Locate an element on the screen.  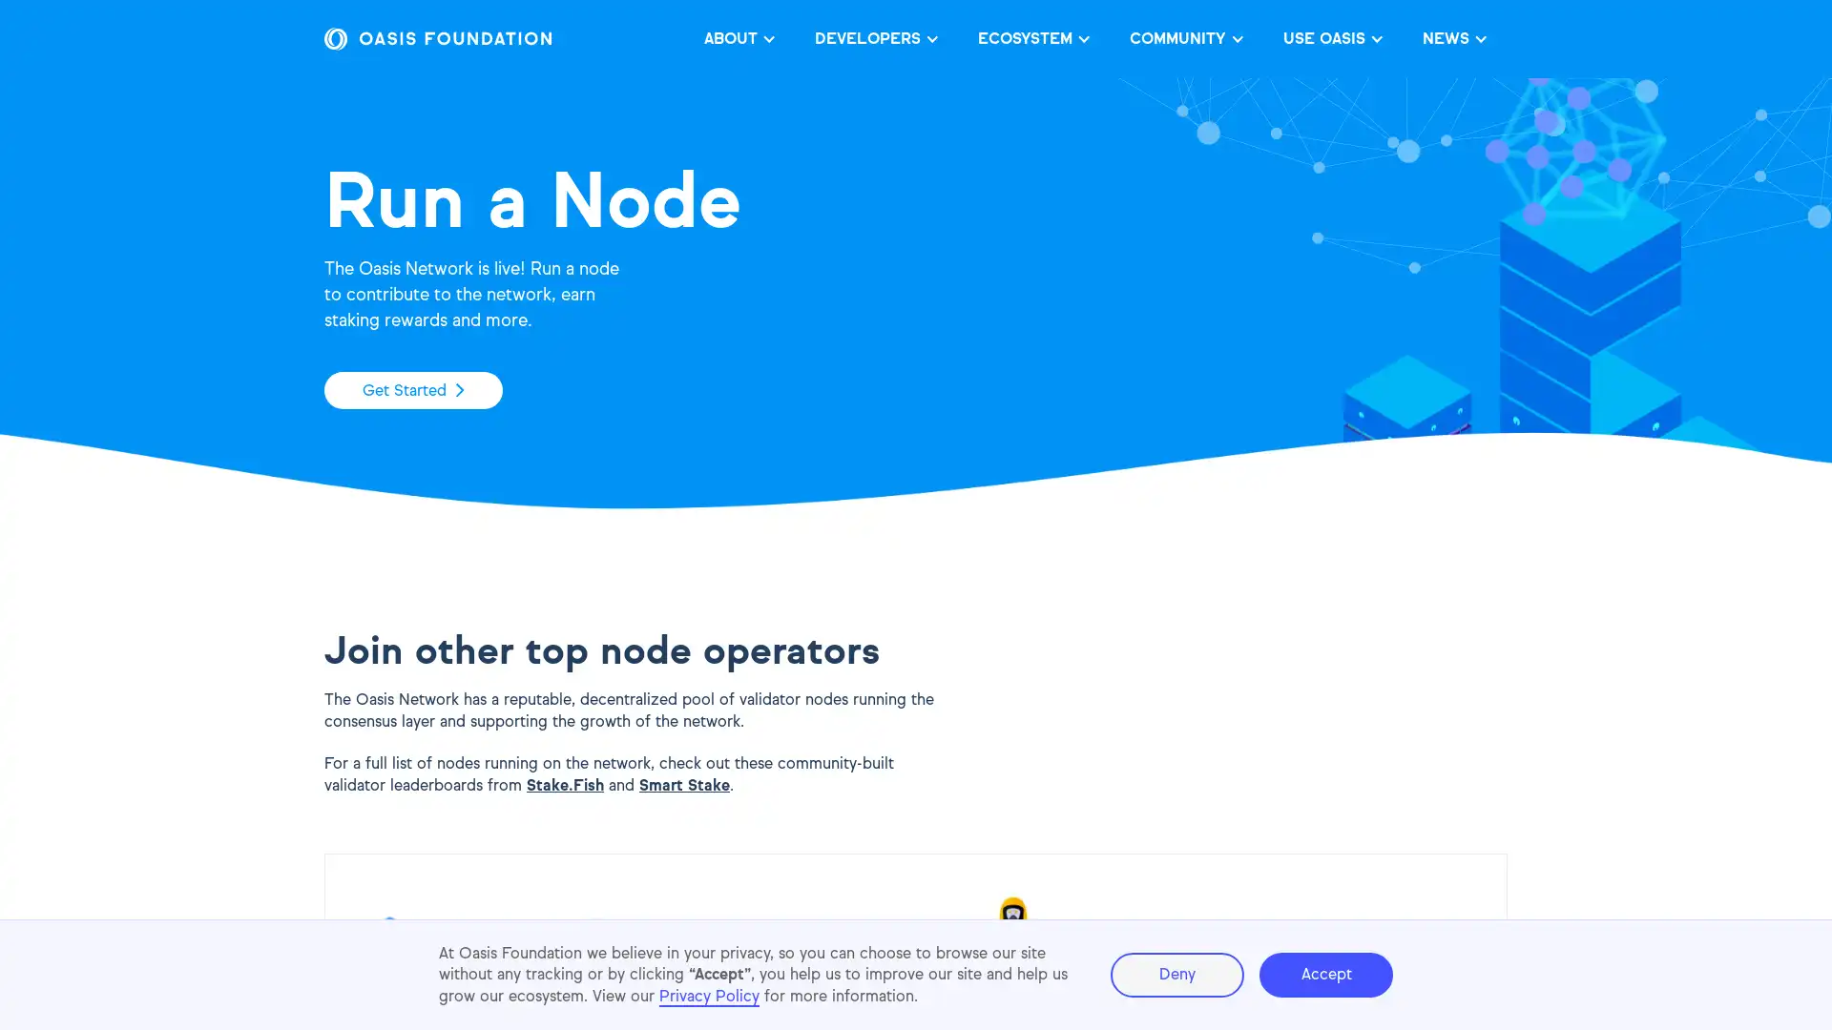
Deny is located at coordinates (1176, 975).